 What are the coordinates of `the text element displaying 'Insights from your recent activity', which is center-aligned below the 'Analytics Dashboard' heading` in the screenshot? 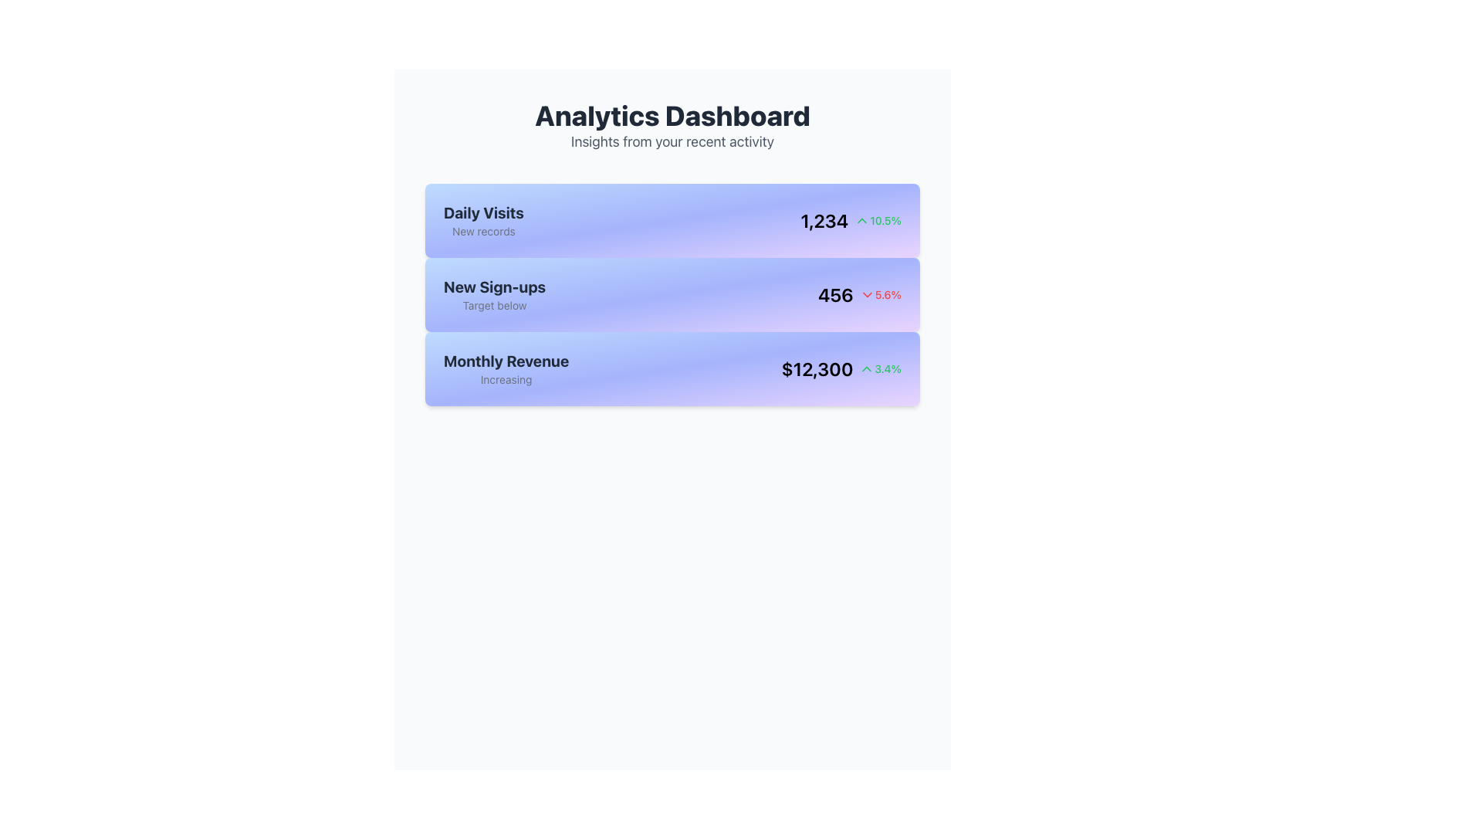 It's located at (672, 142).